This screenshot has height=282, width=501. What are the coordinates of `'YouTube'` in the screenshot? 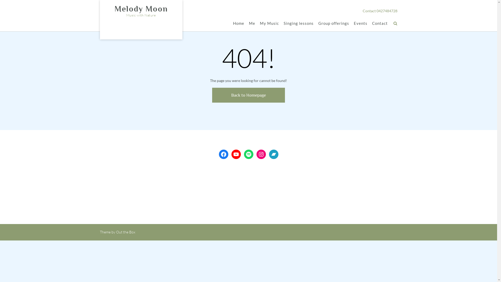 It's located at (231, 154).